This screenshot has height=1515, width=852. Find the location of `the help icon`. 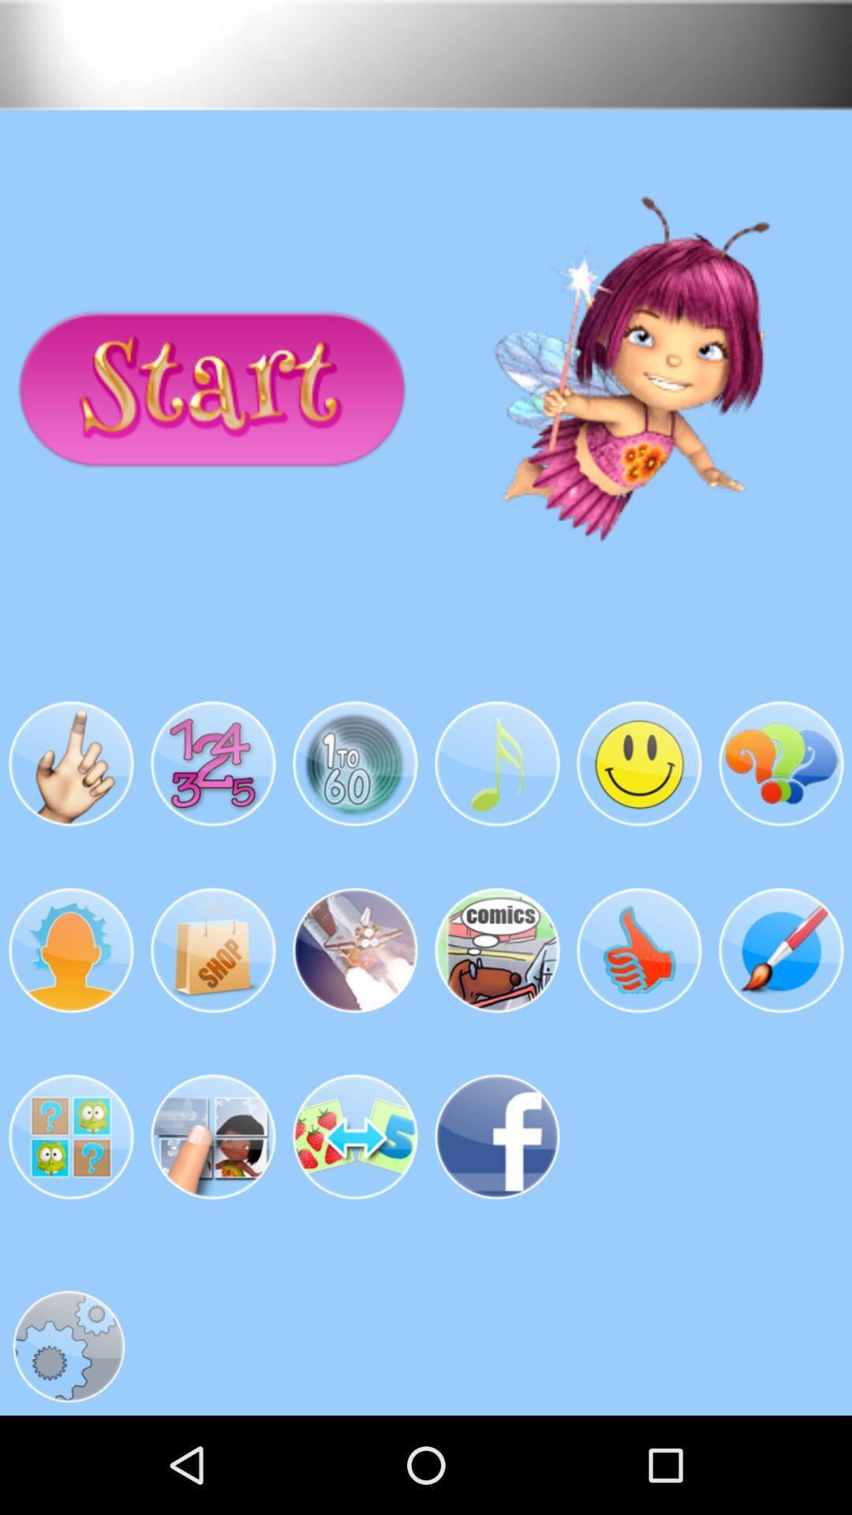

the help icon is located at coordinates (781, 817).